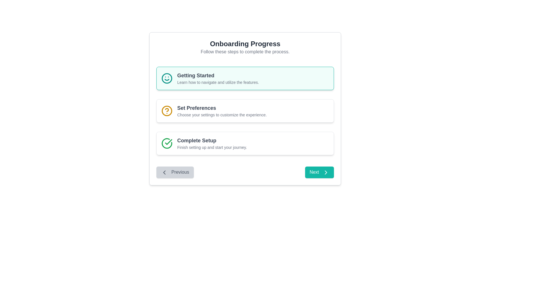 Image resolution: width=548 pixels, height=308 pixels. What do you see at coordinates (167, 111) in the screenshot?
I see `the icon that represents a step in the onboarding process, located to the left of the 'Set Preferences' label in the Onboarding Progress interface` at bounding box center [167, 111].